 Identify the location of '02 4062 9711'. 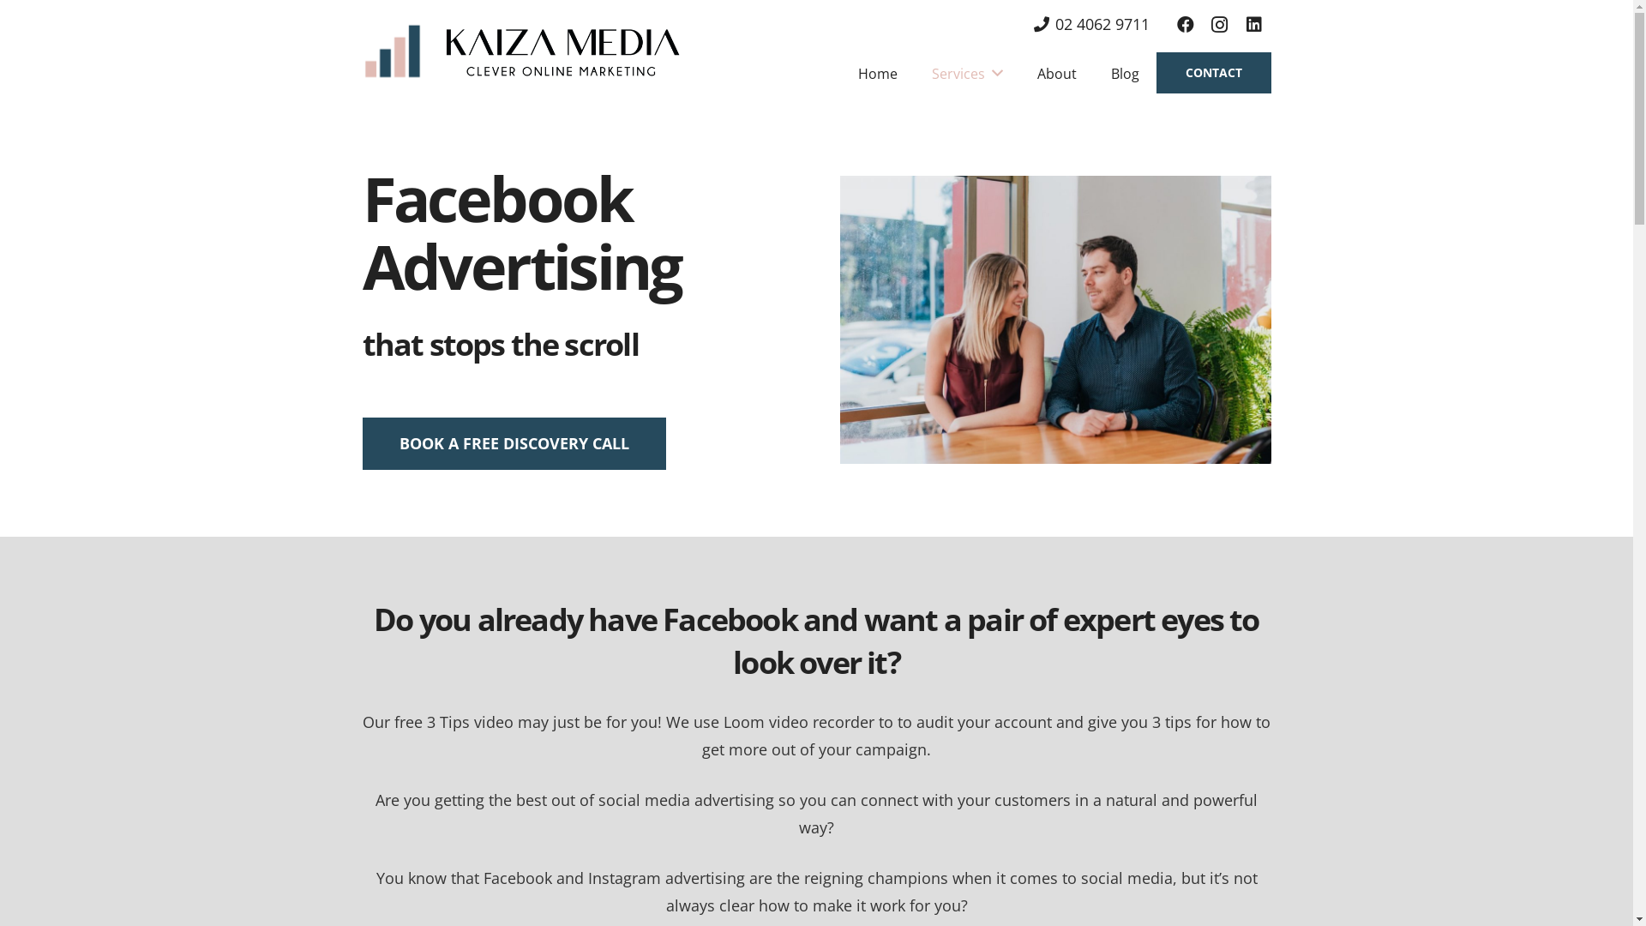
(1090, 23).